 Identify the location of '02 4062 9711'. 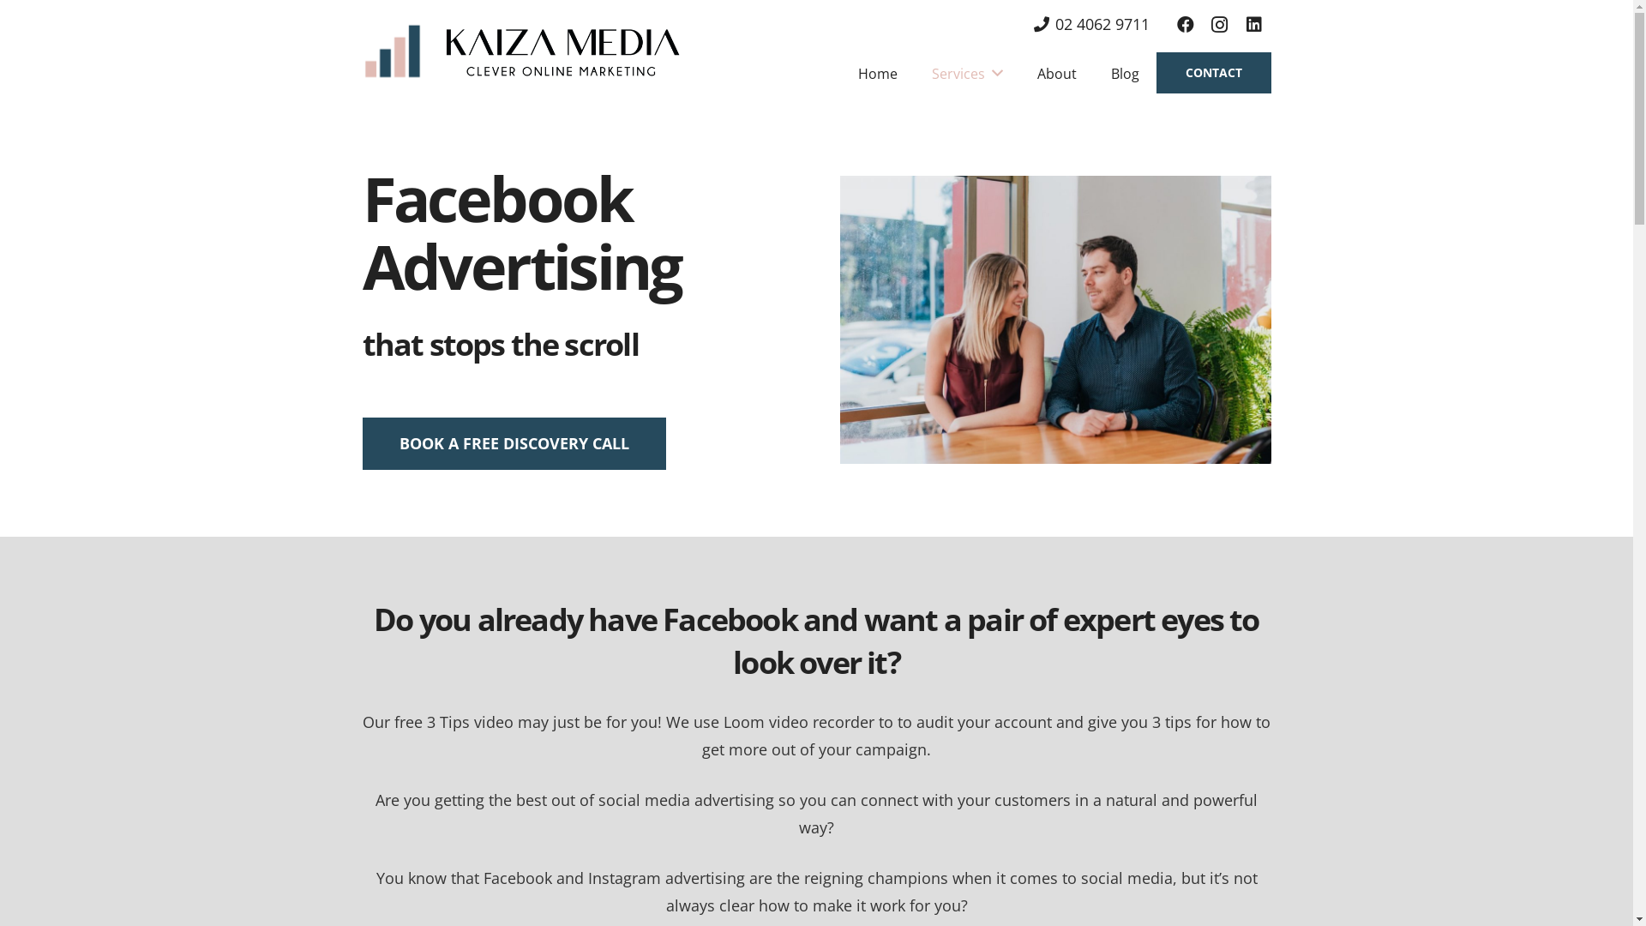
(1090, 23).